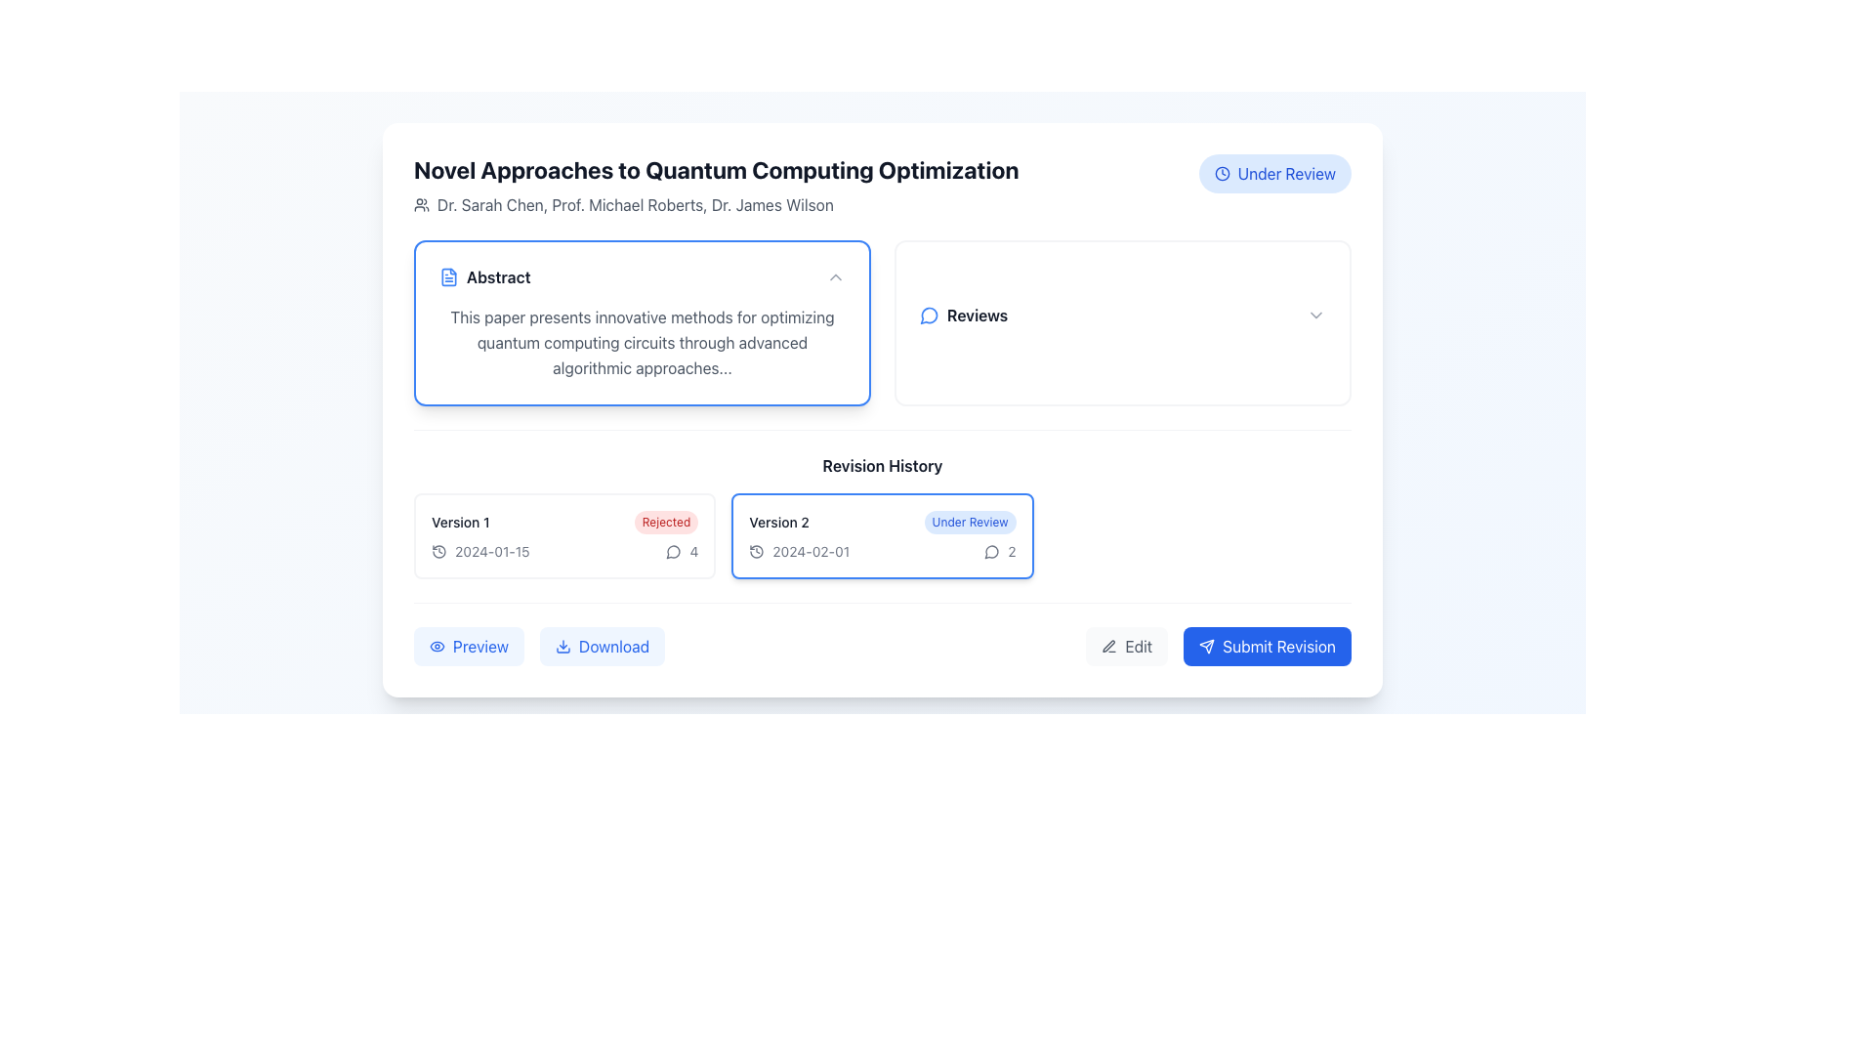 The width and height of the screenshot is (1875, 1055). What do you see at coordinates (970, 522) in the screenshot?
I see `the small, rounded badge labeled 'Under Review' which is visually adjacent to the text 'Version 2' in the top-right corner of the card containing version details` at bounding box center [970, 522].